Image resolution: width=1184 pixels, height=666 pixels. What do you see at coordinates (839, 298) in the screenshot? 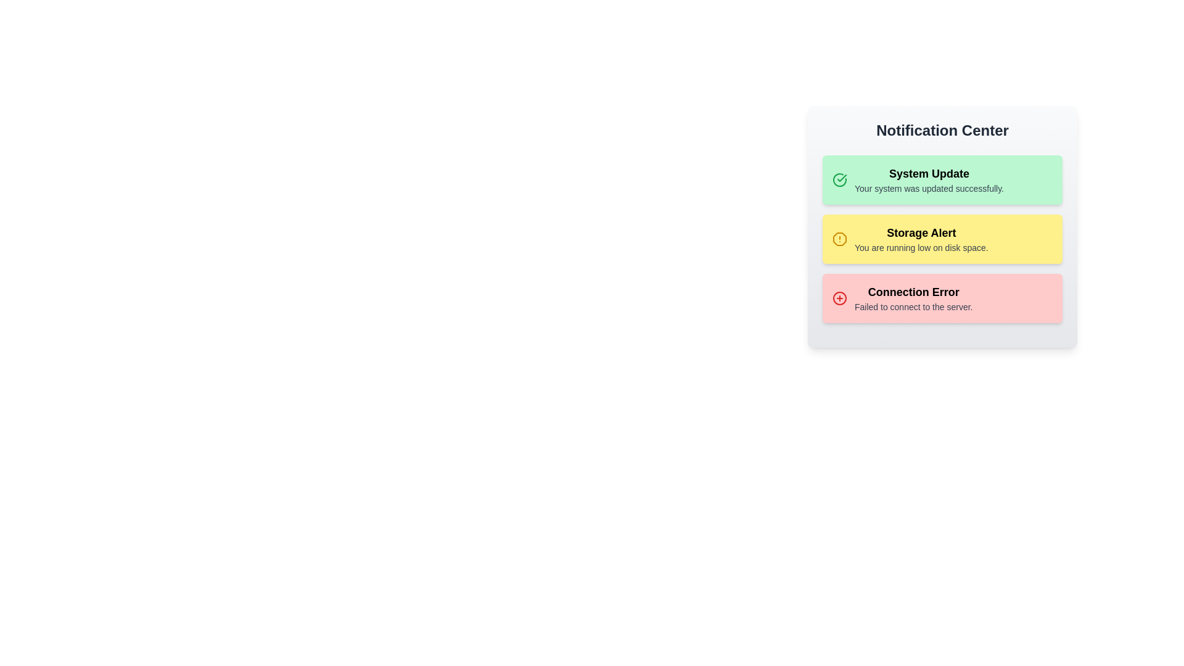
I see `the notification icon for Connection Error` at bounding box center [839, 298].